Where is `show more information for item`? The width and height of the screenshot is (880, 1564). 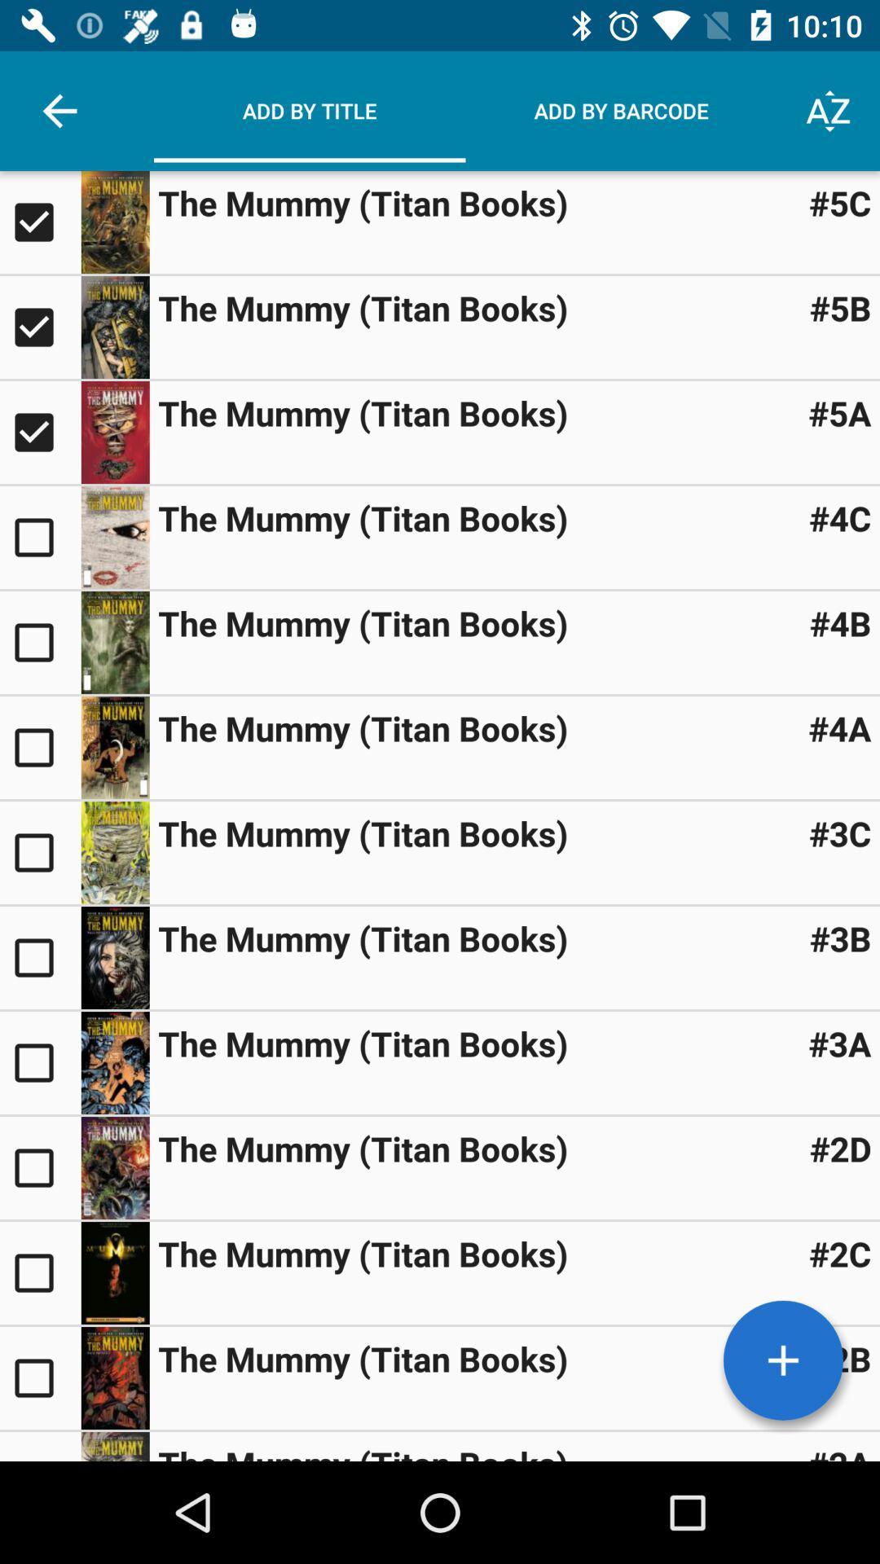
show more information for item is located at coordinates (114, 641).